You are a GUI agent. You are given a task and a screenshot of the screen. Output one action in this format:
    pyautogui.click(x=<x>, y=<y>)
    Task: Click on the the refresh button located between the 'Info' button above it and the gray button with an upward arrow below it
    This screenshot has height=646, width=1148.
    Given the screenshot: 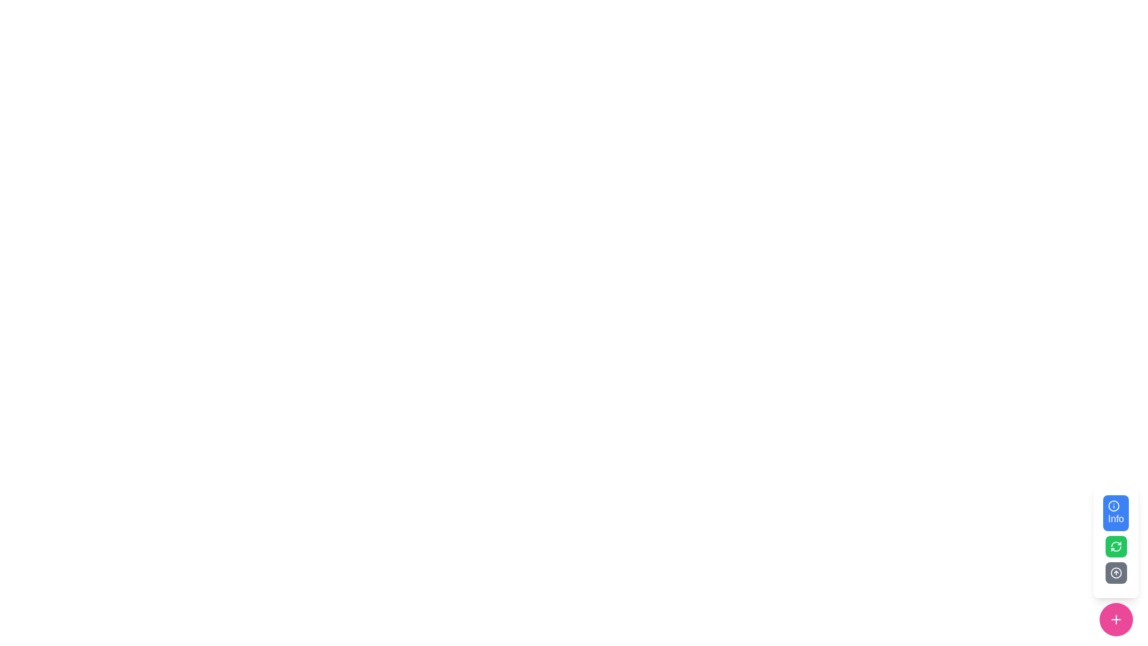 What is the action you would take?
    pyautogui.click(x=1115, y=547)
    